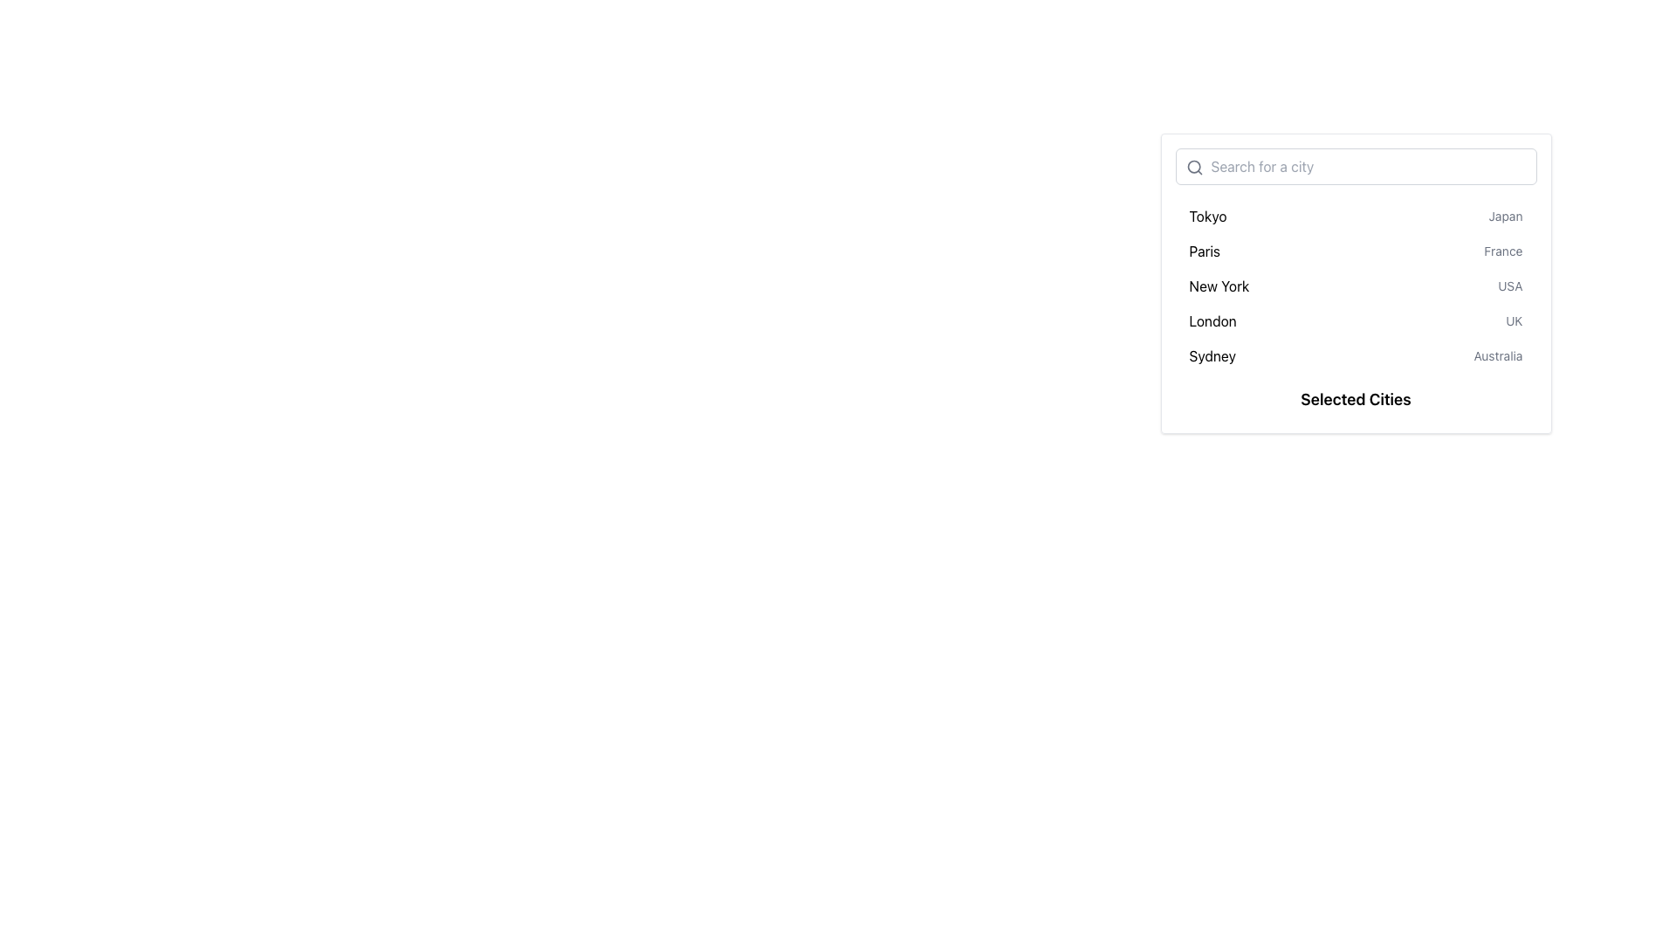 Image resolution: width=1676 pixels, height=943 pixels. I want to click on the label displaying 'France', which is styled with a smaller font size and gray color, located to the right of the 'Paris' label in the city list, so click(1502, 251).